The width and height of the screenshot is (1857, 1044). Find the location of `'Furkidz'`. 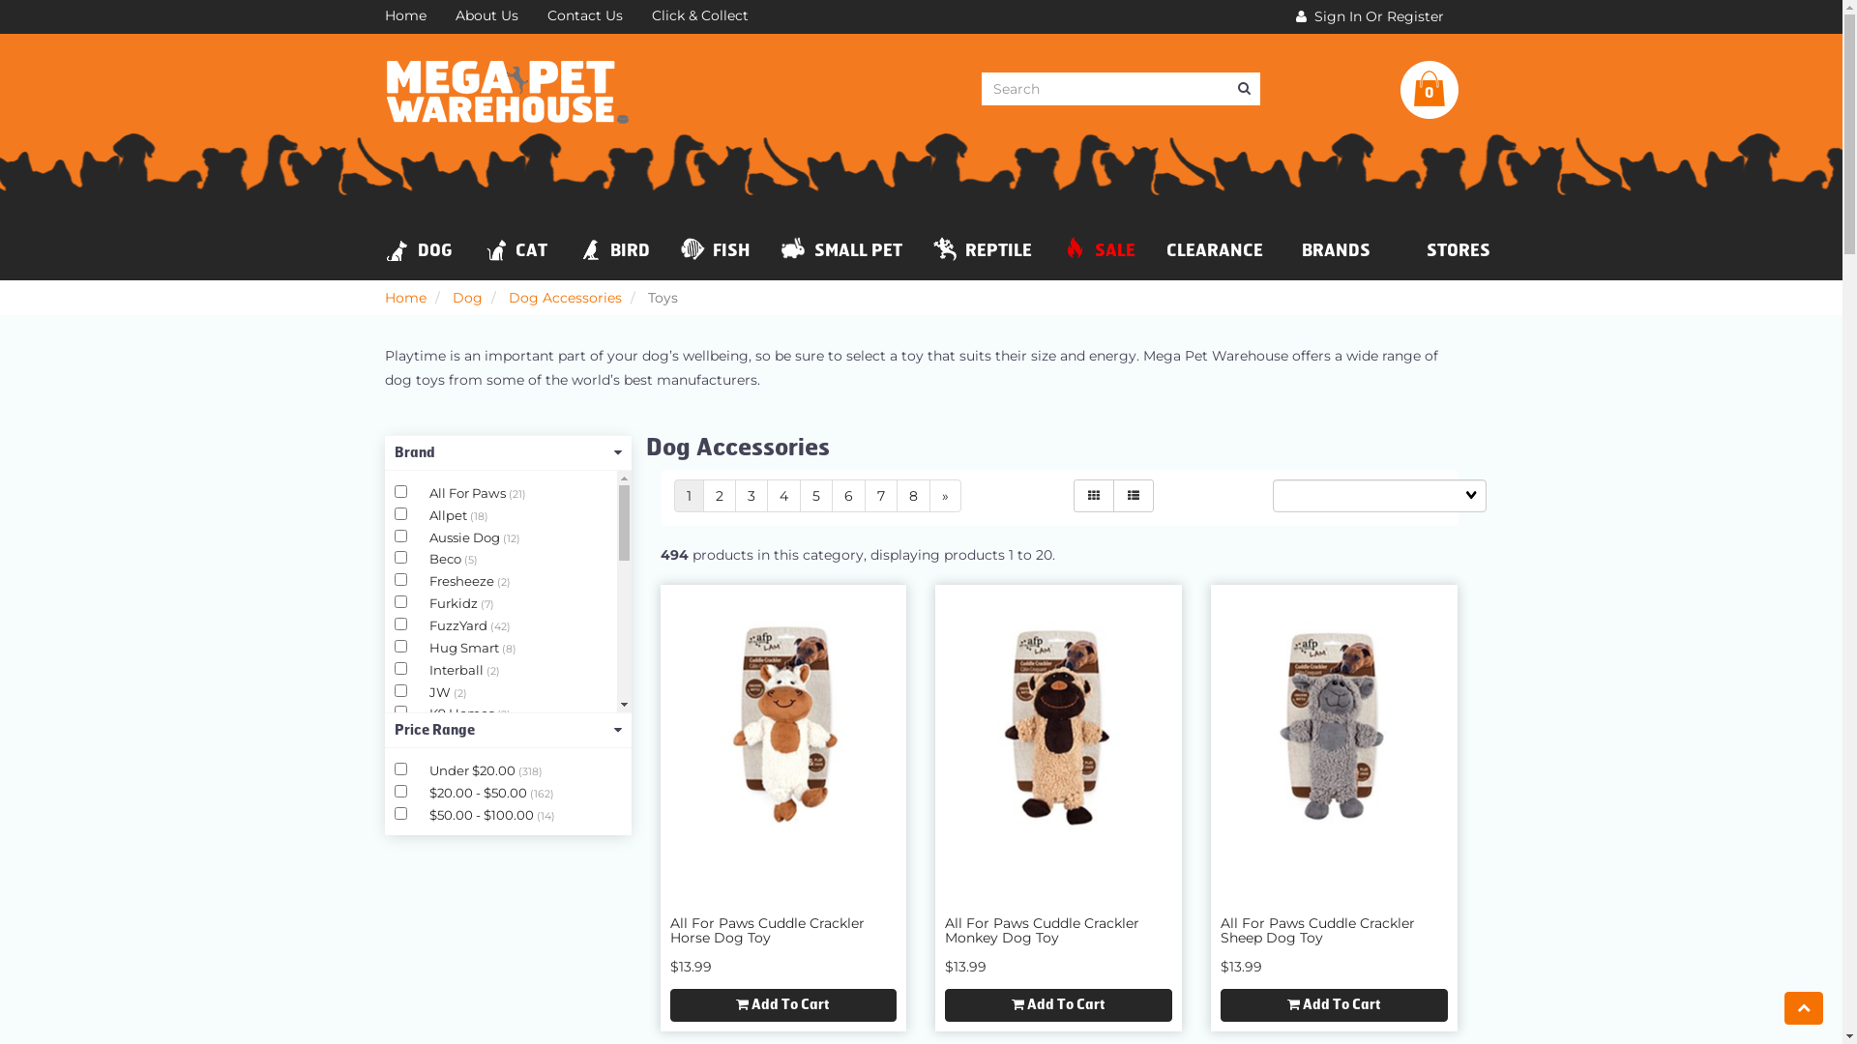

'Furkidz' is located at coordinates (454, 602).